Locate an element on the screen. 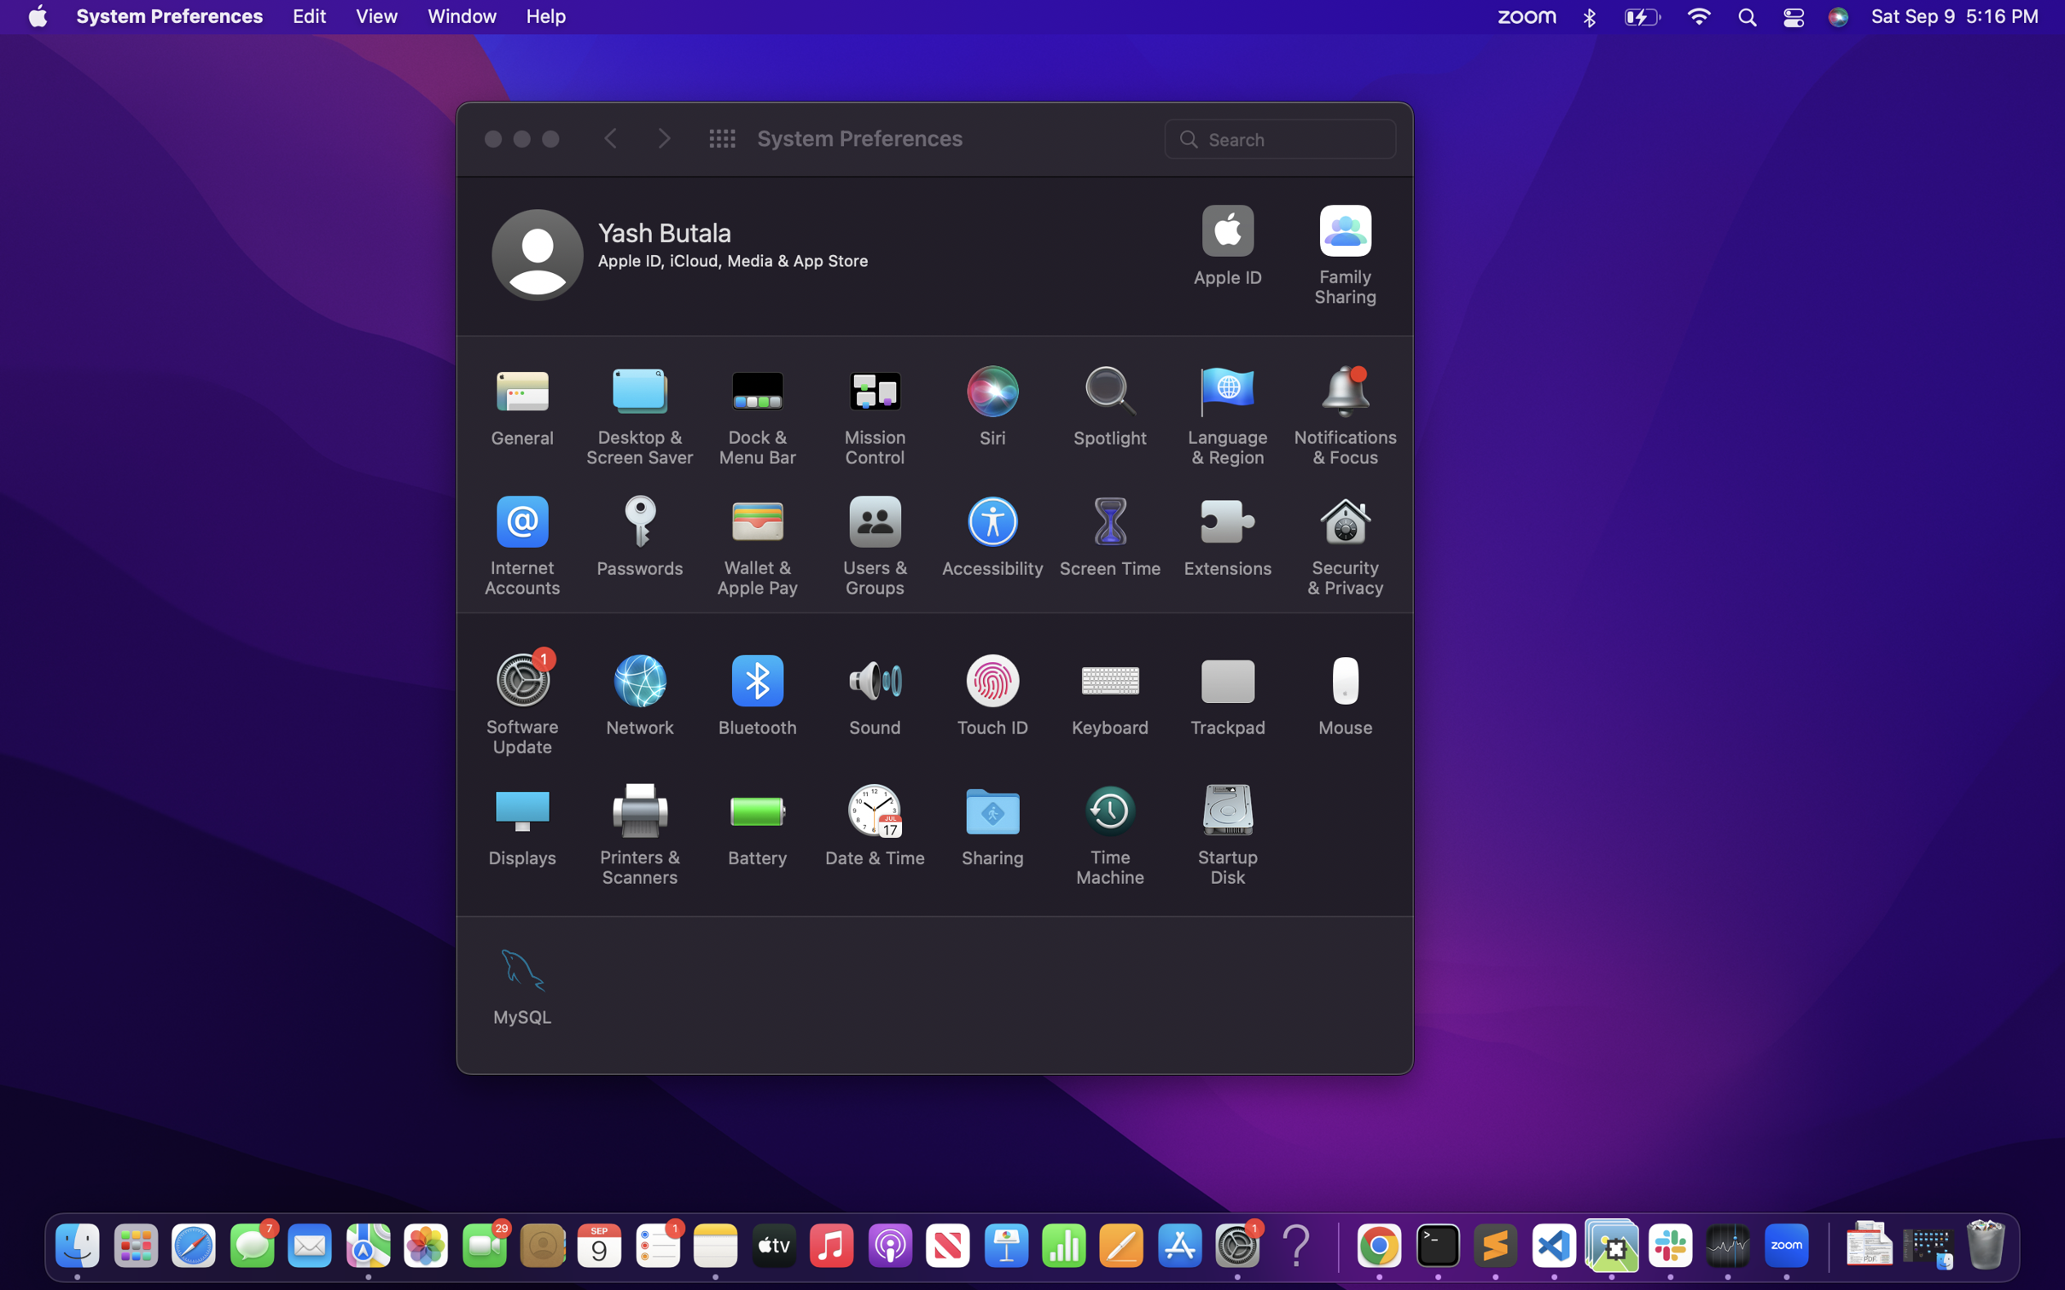  the language and region settings is located at coordinates (1228, 415).